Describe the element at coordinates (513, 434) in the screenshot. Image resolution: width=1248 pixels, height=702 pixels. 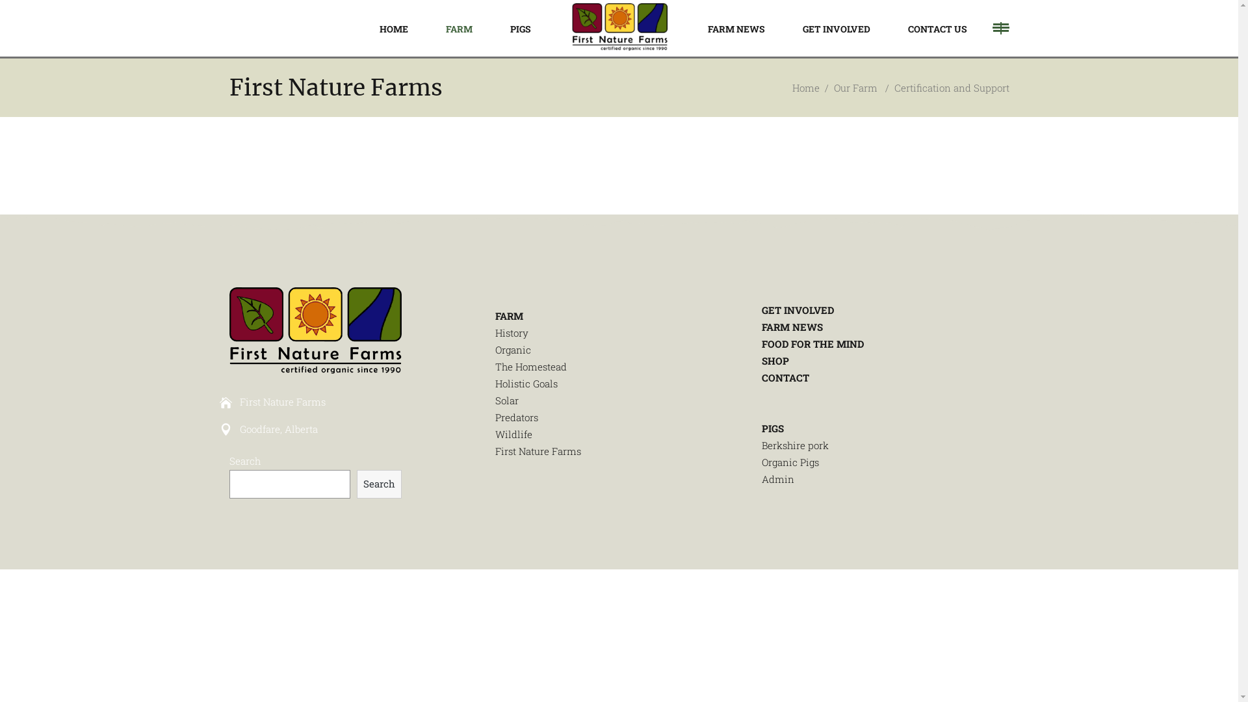
I see `'Wildlife'` at that location.